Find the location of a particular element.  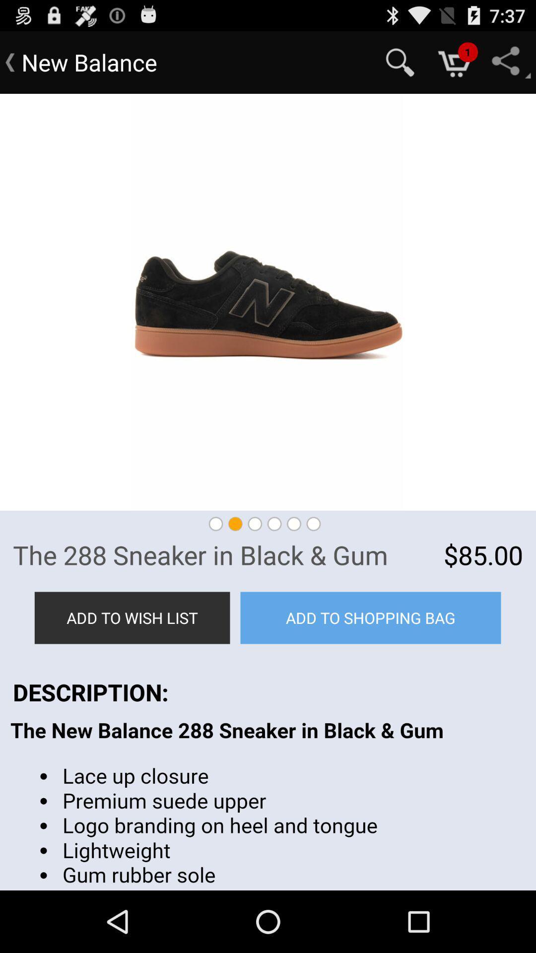

show full view is located at coordinates (268, 302).